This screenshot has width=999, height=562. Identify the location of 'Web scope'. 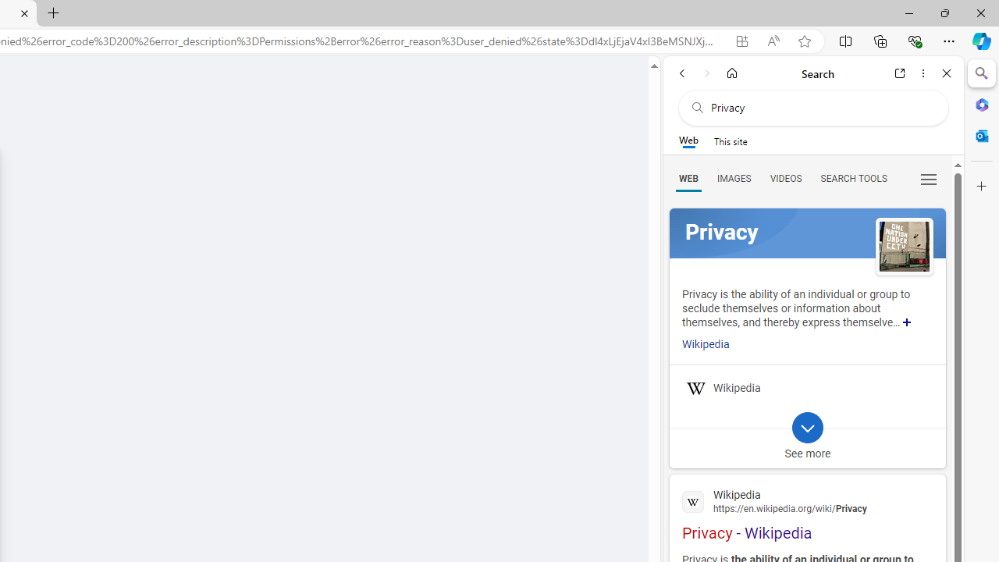
(688, 140).